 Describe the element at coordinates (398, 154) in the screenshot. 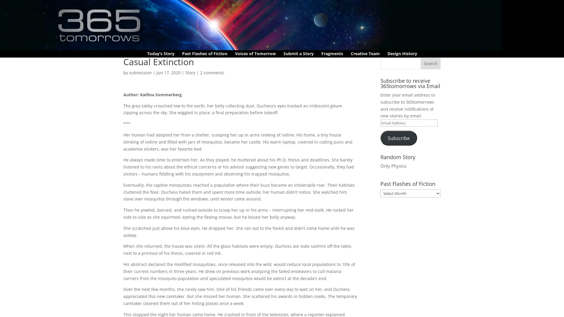

I see `Subscribe` at that location.